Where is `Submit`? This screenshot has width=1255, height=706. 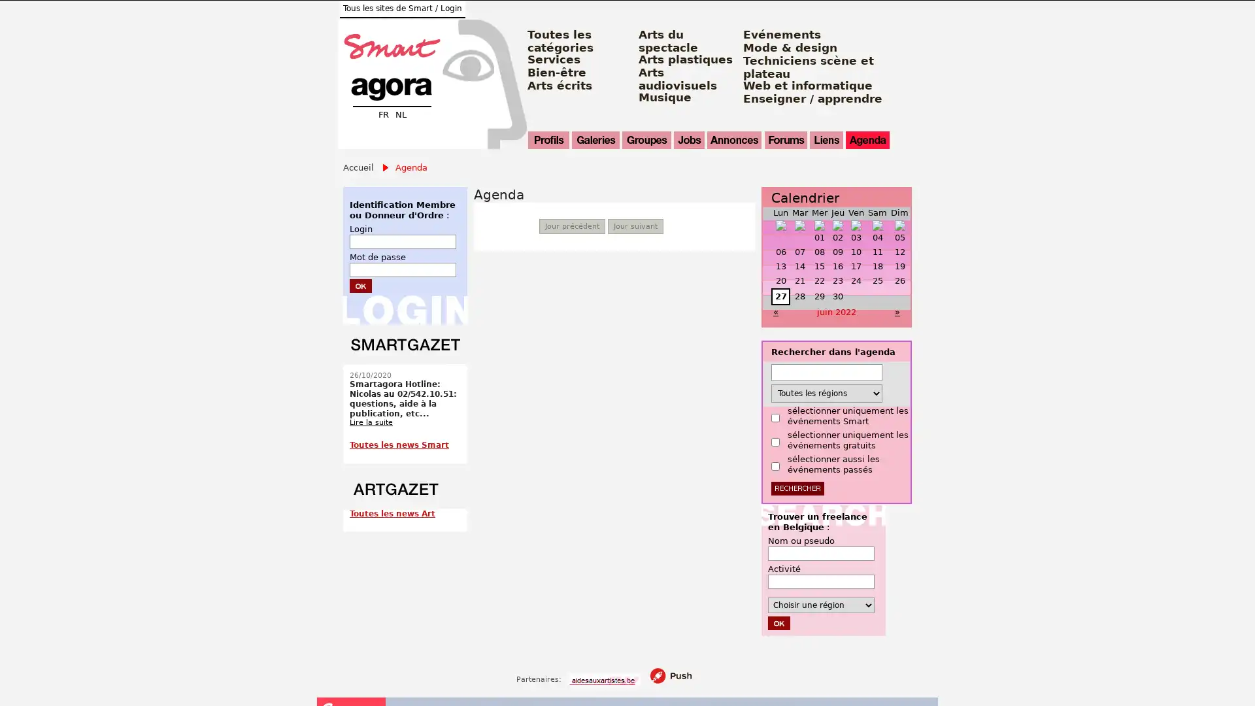
Submit is located at coordinates (778, 622).